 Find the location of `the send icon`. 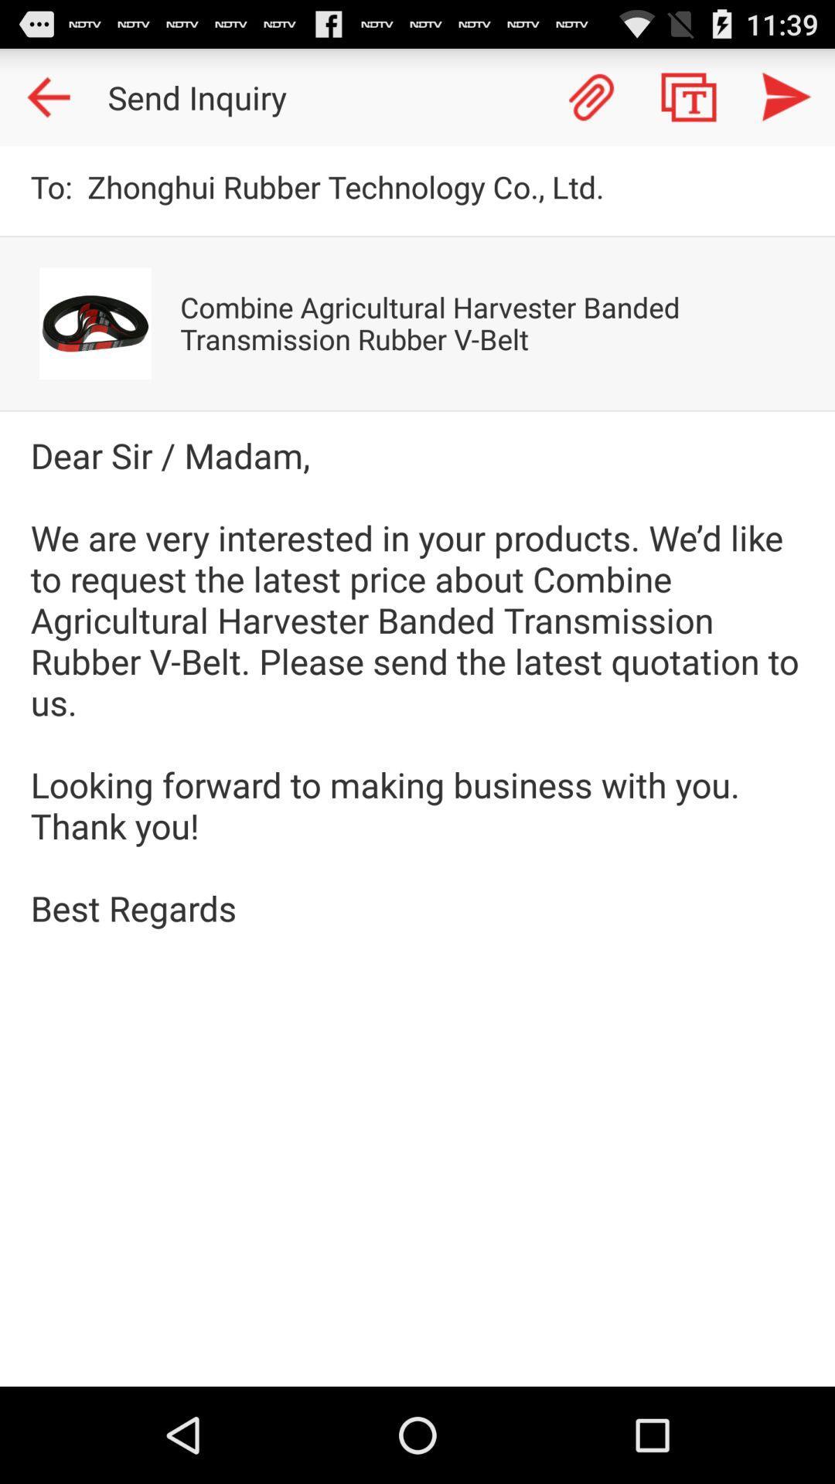

the send icon is located at coordinates (786, 103).